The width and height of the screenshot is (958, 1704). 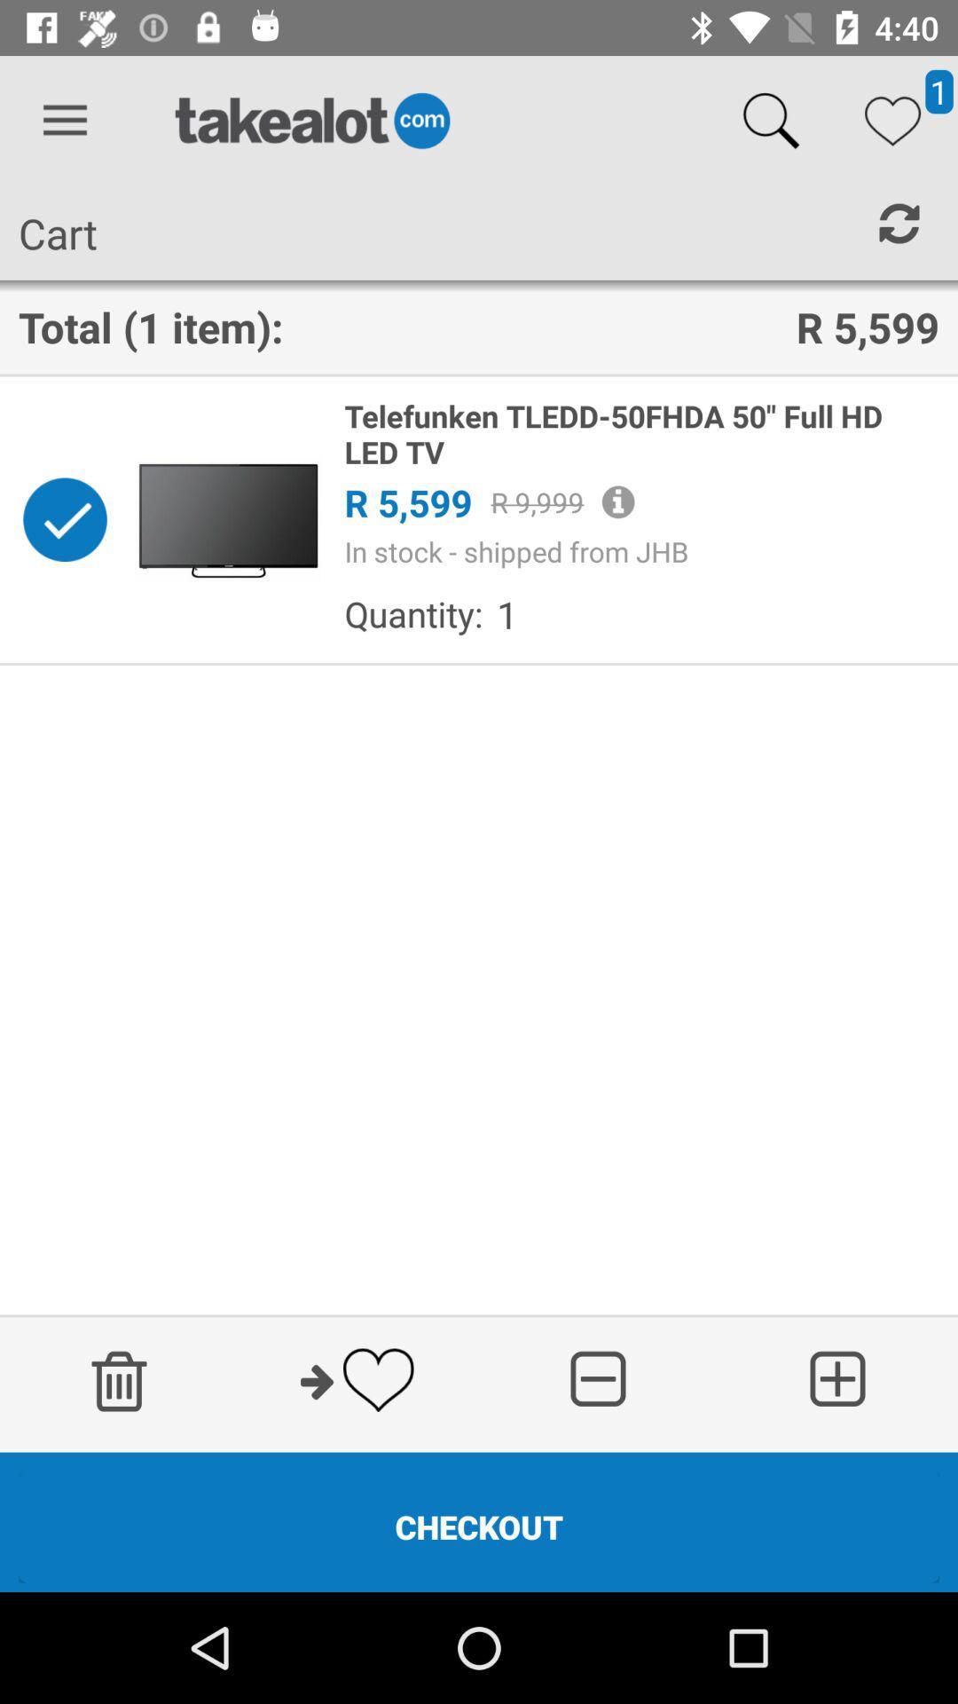 I want to click on in stock shipped icon, so click(x=641, y=550).